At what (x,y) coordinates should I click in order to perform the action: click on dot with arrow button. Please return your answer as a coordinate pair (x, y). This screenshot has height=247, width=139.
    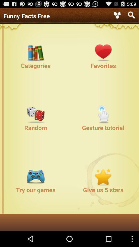
    Looking at the image, I should click on (117, 15).